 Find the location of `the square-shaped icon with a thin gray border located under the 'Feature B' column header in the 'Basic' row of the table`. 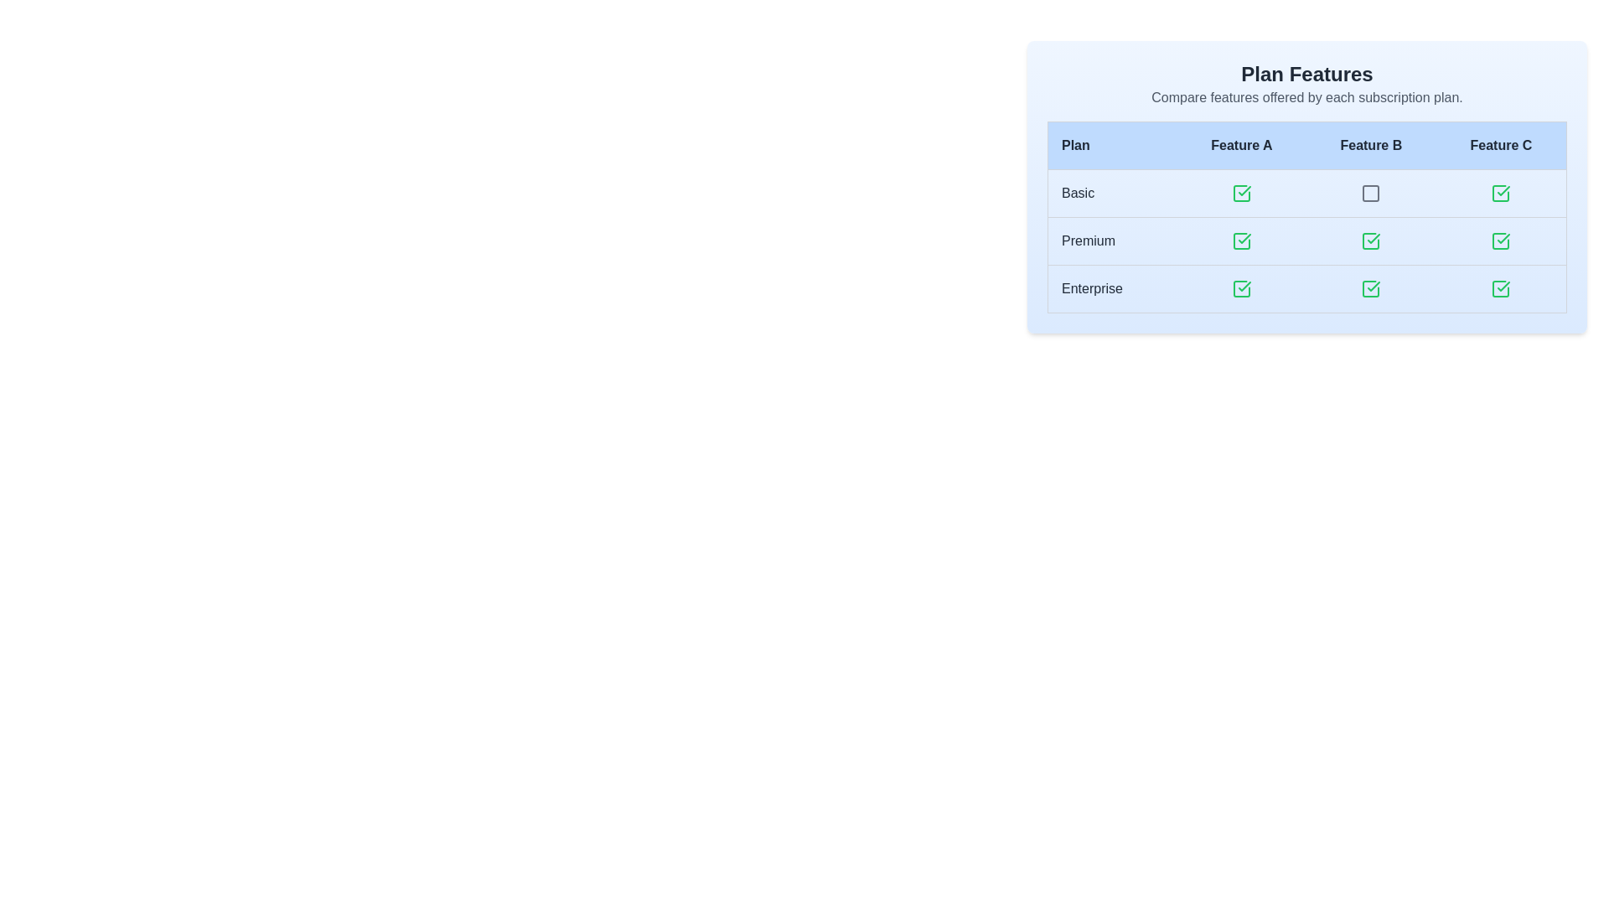

the square-shaped icon with a thin gray border located under the 'Feature B' column header in the 'Basic' row of the table is located at coordinates (1371, 193).